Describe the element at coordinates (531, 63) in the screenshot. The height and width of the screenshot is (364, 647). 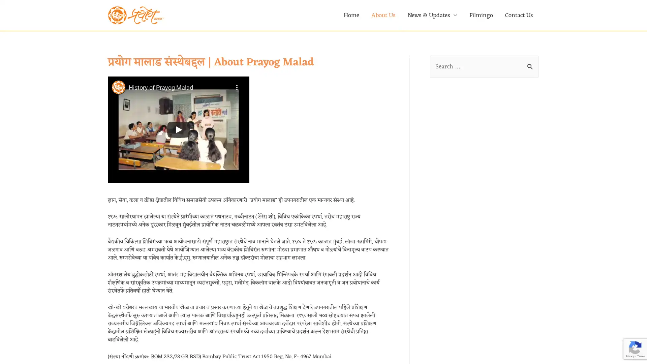
I see `Search` at that location.